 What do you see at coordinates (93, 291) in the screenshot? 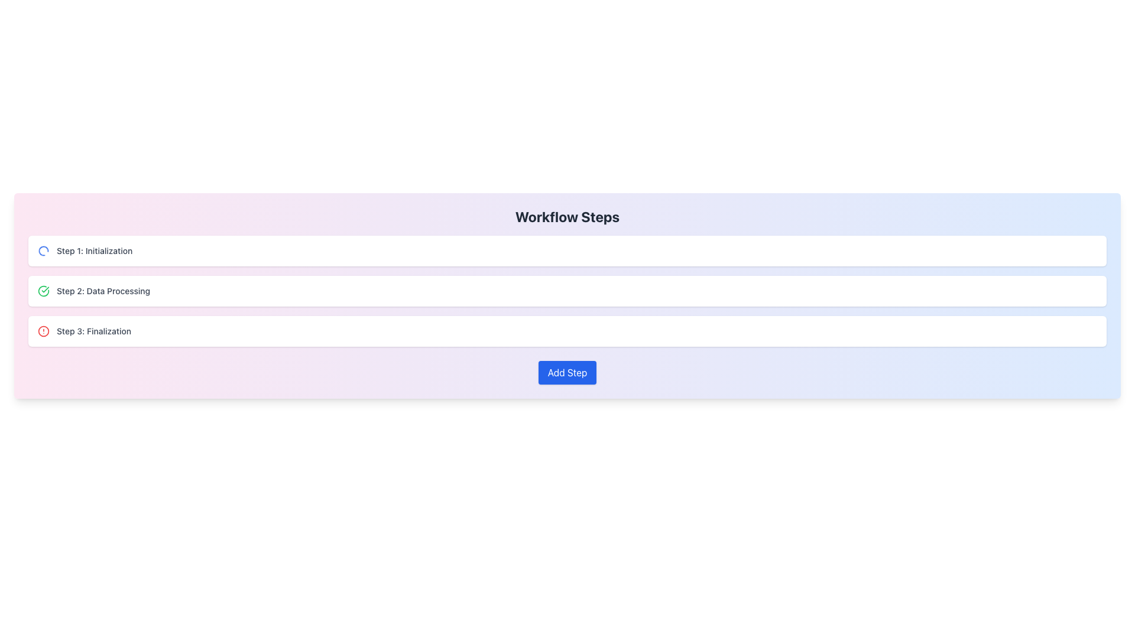
I see `text label indicating the second step in the workflow process, which shows its title and completion status with a checkmark icon, located between 'Step 1: Initialization' and 'Step 3: Finalization'` at bounding box center [93, 291].